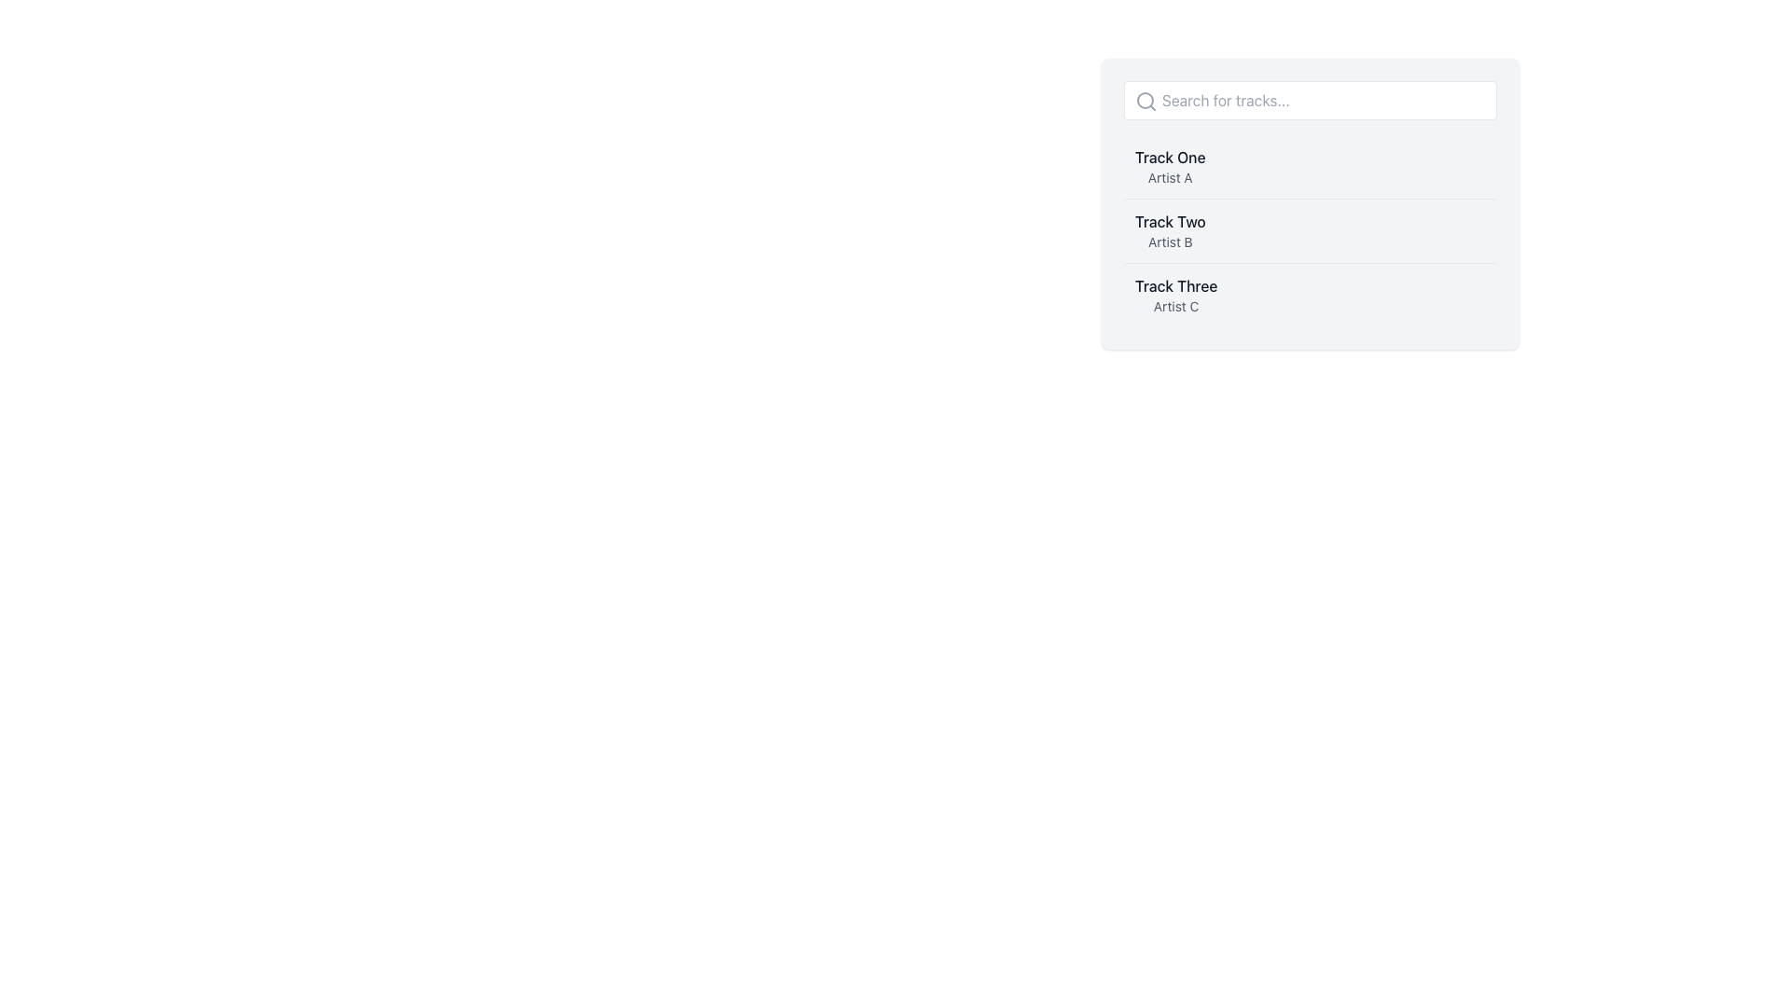 This screenshot has width=1791, height=1007. What do you see at coordinates (1169, 157) in the screenshot?
I see `the text label displaying 'Track One' by 'Artist A'` at bounding box center [1169, 157].